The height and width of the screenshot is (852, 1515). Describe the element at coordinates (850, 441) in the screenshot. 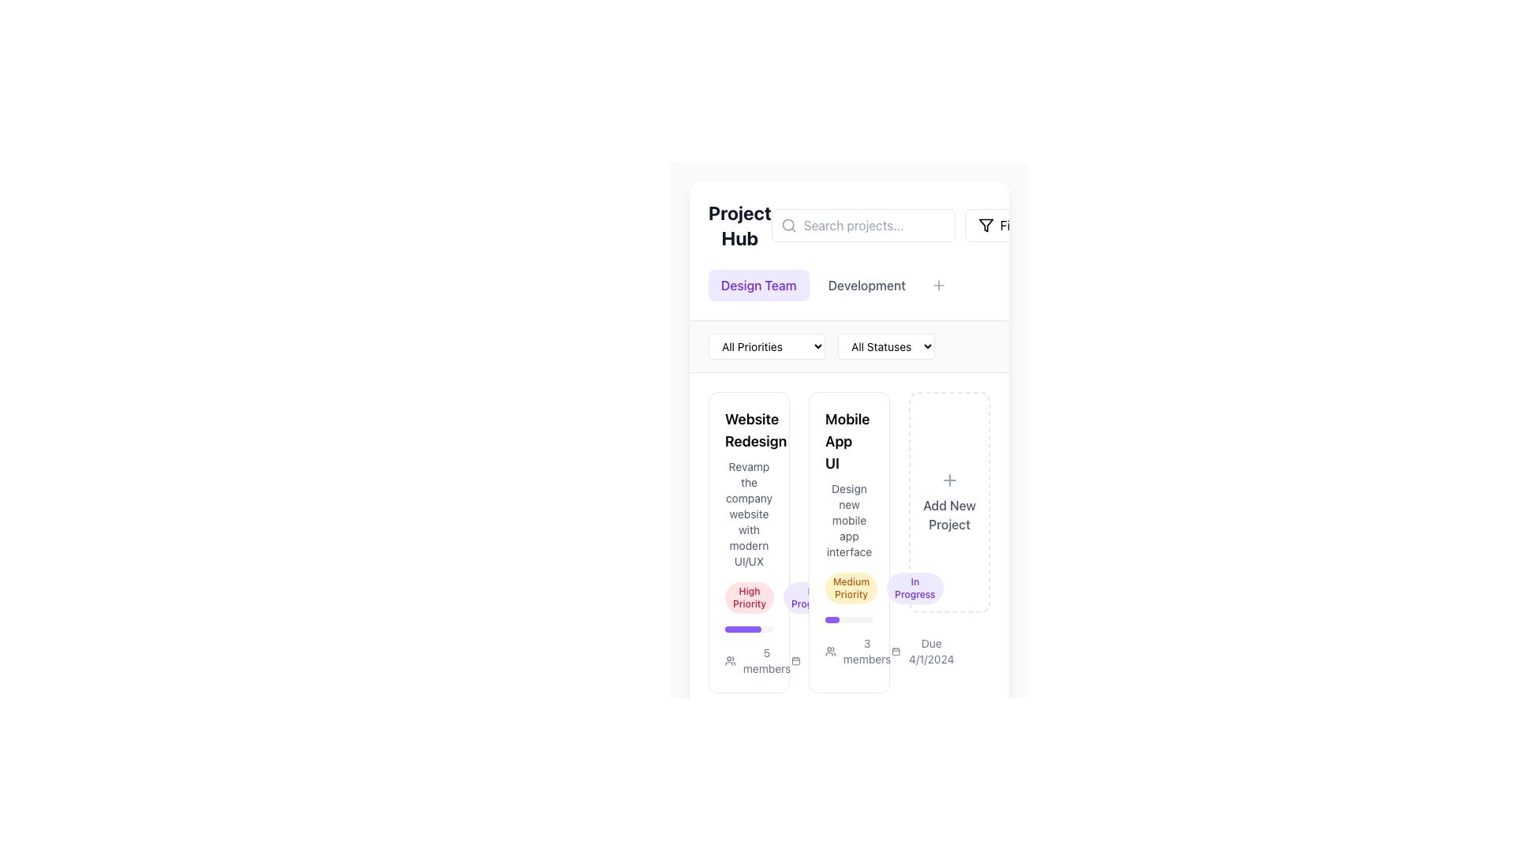

I see `the title text display element of the project card titled 'Mobile App UI', which is located at the top of the card above the description text 'Design new mobile app interface'` at that location.